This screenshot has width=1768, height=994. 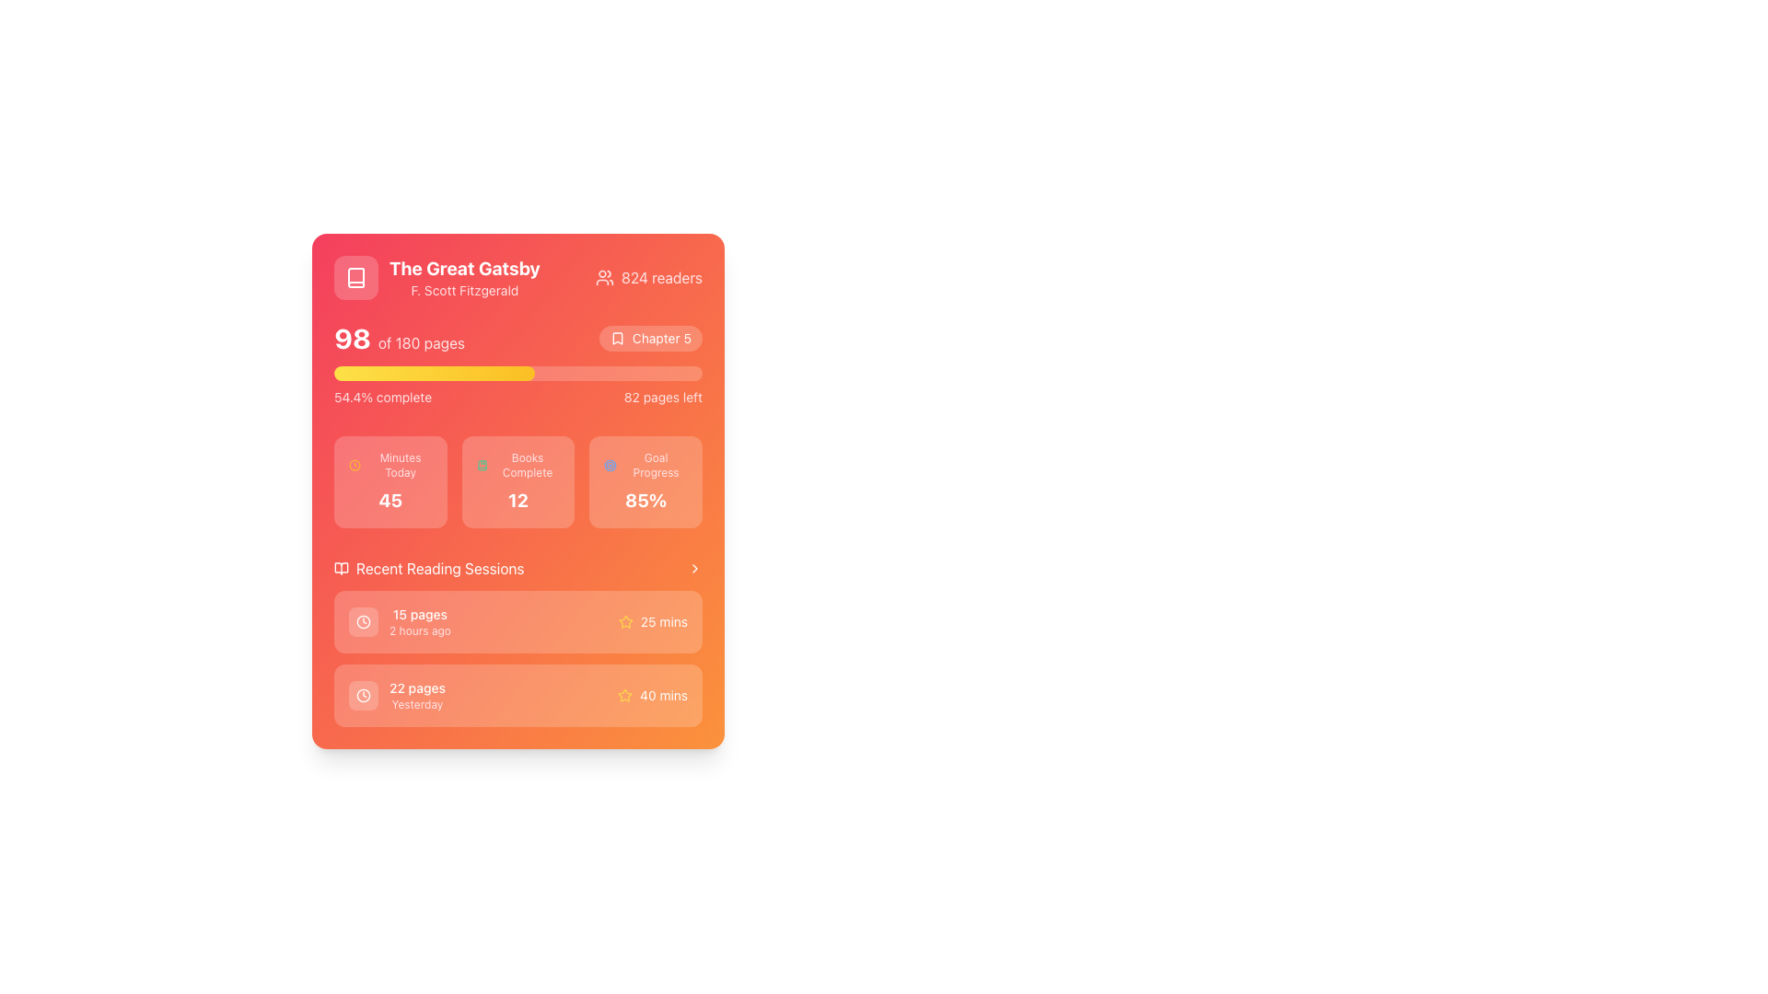 I want to click on the navigation icon located to the far right of the 'Recent Reading Sessions' header, so click(x=693, y=567).